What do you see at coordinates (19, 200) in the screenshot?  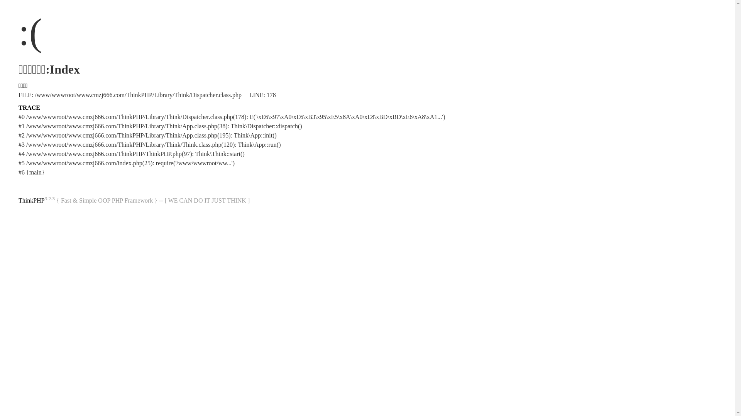 I see `'ThinkPHP'` at bounding box center [19, 200].